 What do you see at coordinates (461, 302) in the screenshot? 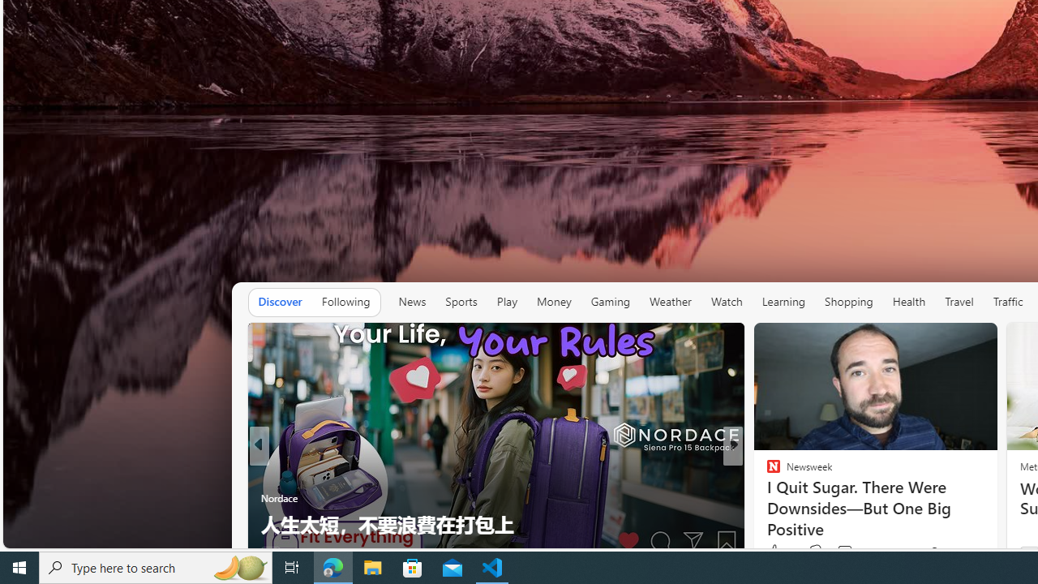
I see `'Sports'` at bounding box center [461, 302].